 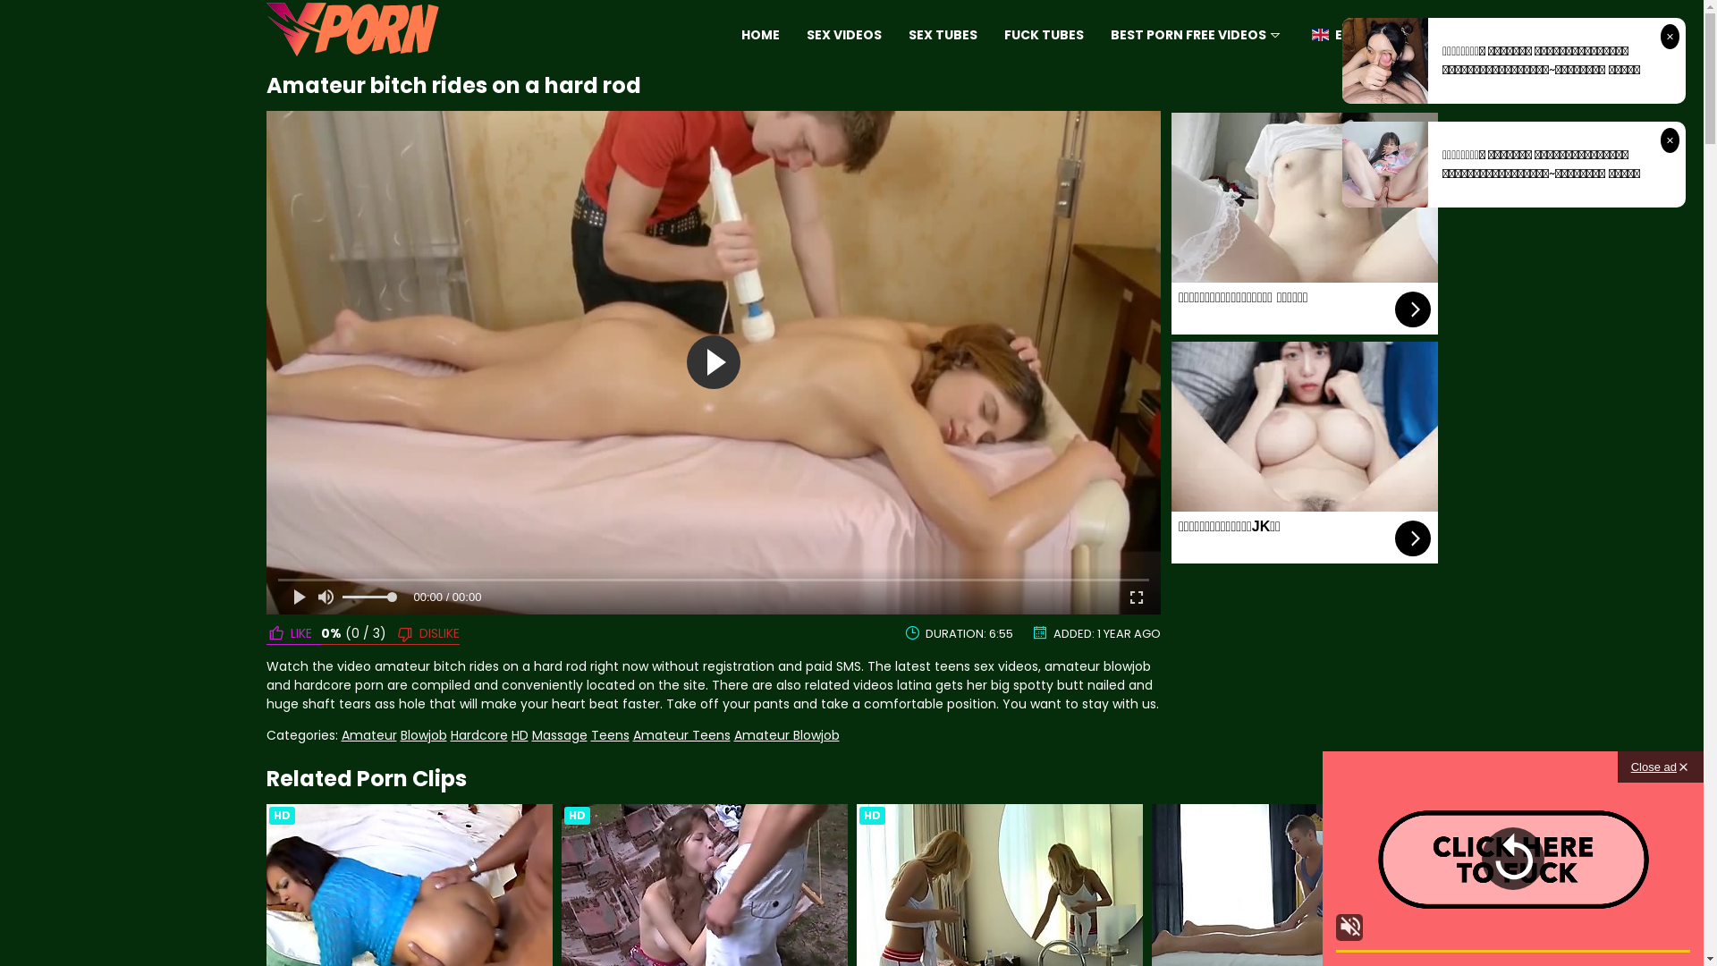 I want to click on 'BEST PORN FREE VIDEOS', so click(x=1110, y=34).